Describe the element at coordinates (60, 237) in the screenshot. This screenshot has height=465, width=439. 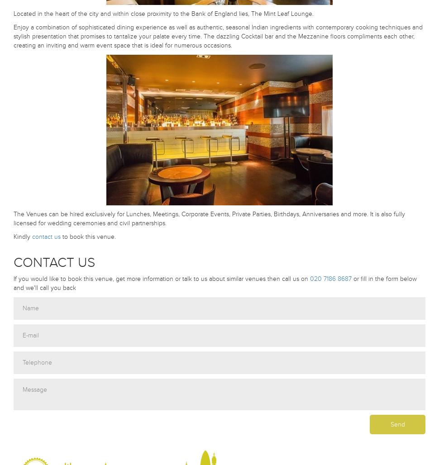
I see `'to book this venue.'` at that location.